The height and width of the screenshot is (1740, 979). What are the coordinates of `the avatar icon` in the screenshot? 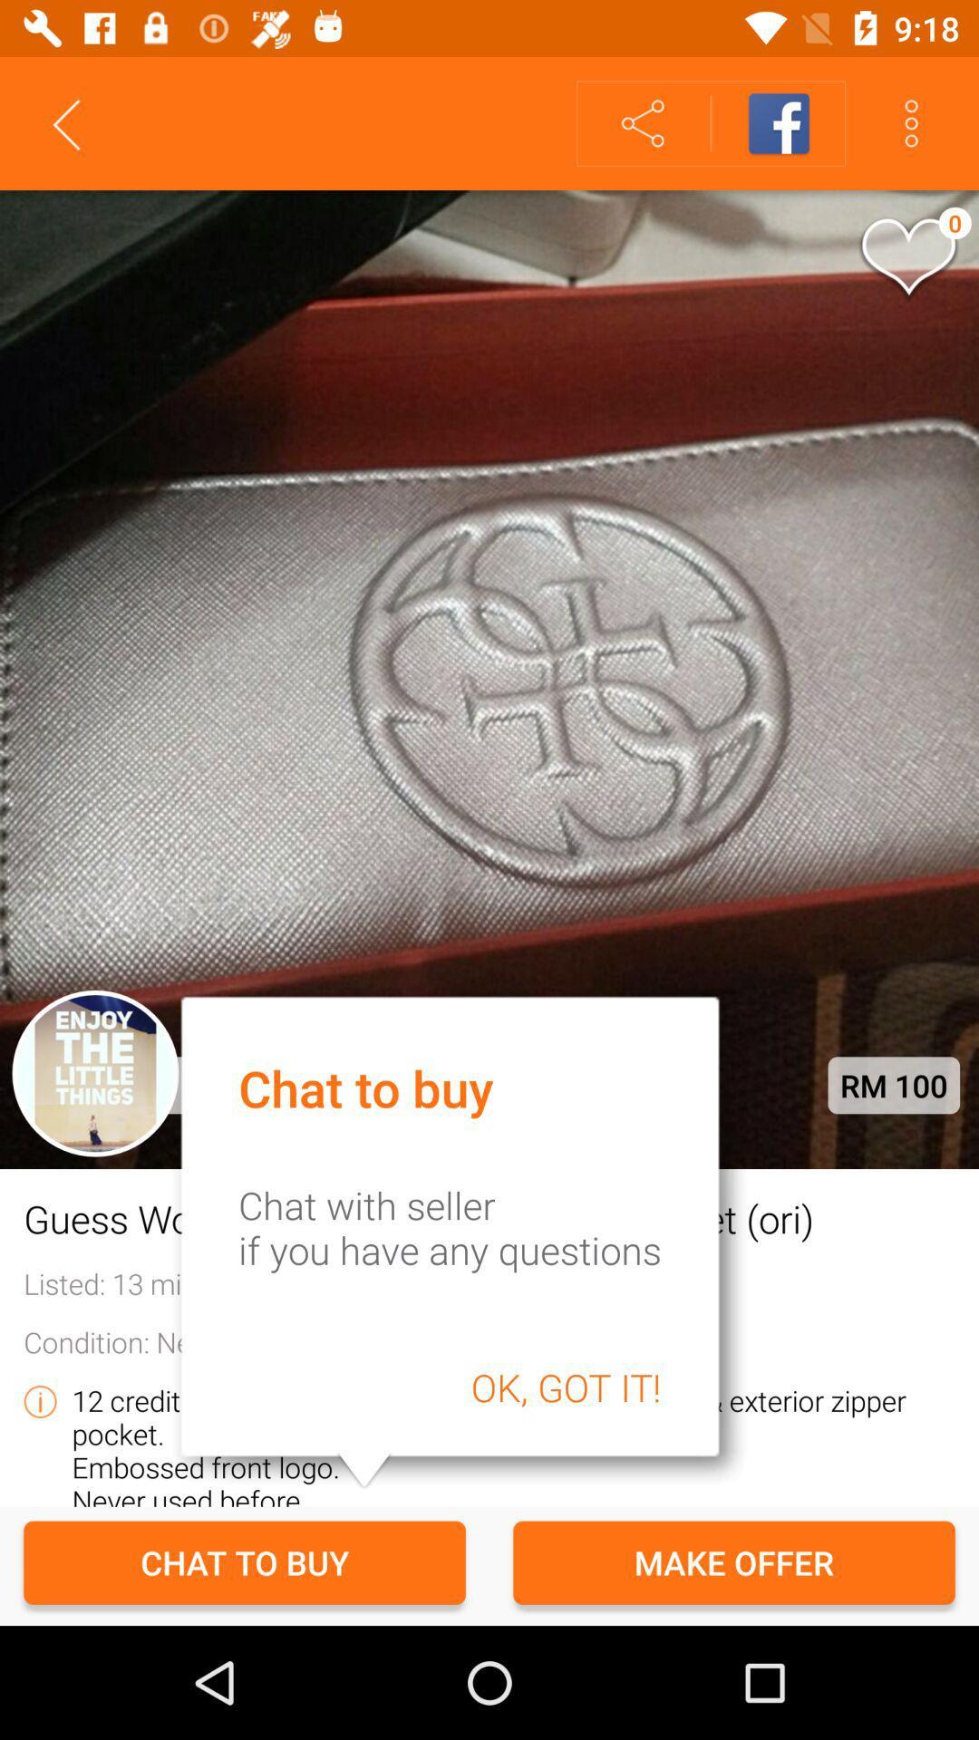 It's located at (95, 1073).